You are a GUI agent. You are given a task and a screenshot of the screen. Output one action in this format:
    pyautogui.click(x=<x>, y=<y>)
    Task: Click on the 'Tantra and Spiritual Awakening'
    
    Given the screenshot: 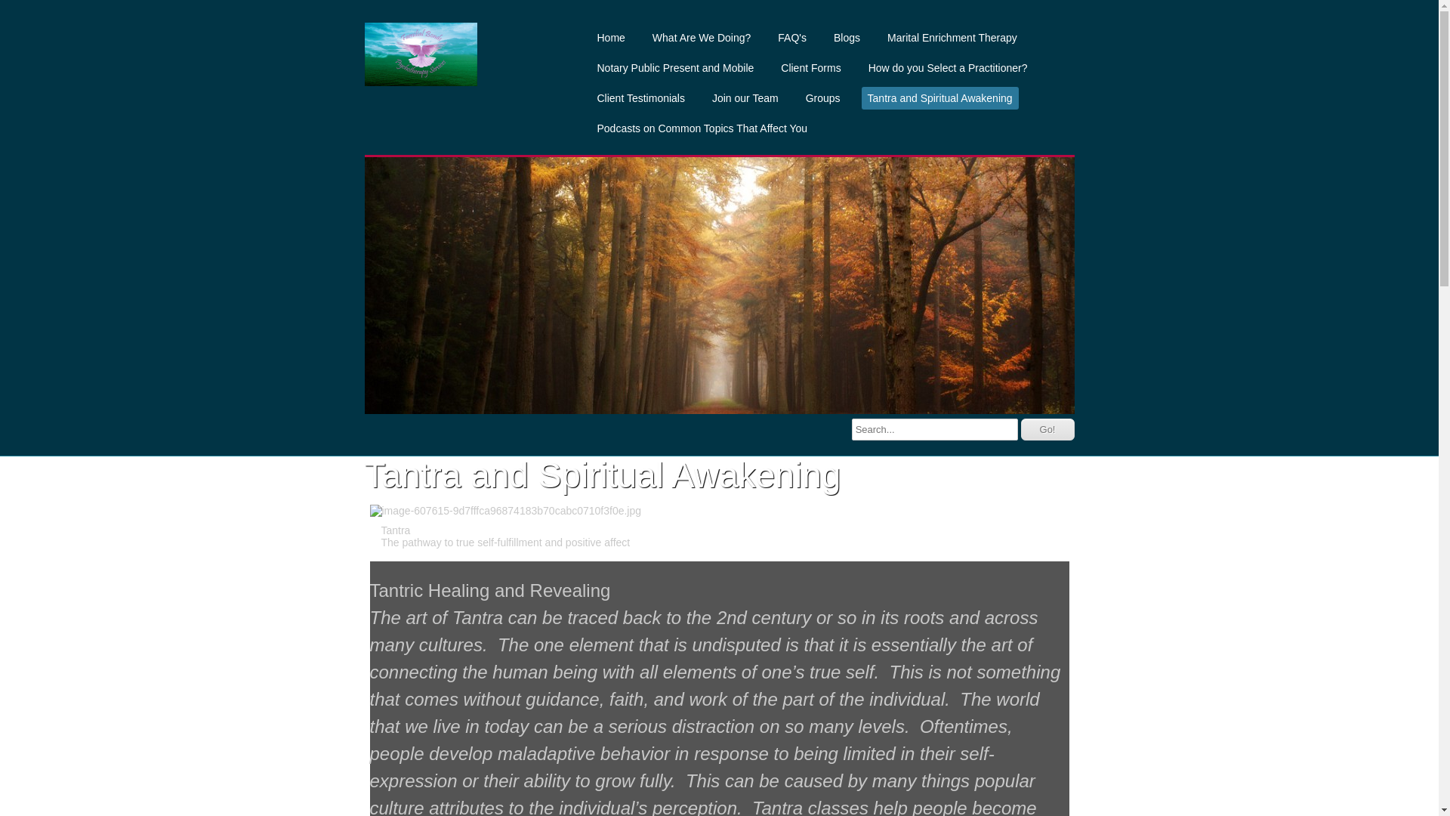 What is the action you would take?
    pyautogui.click(x=862, y=98)
    